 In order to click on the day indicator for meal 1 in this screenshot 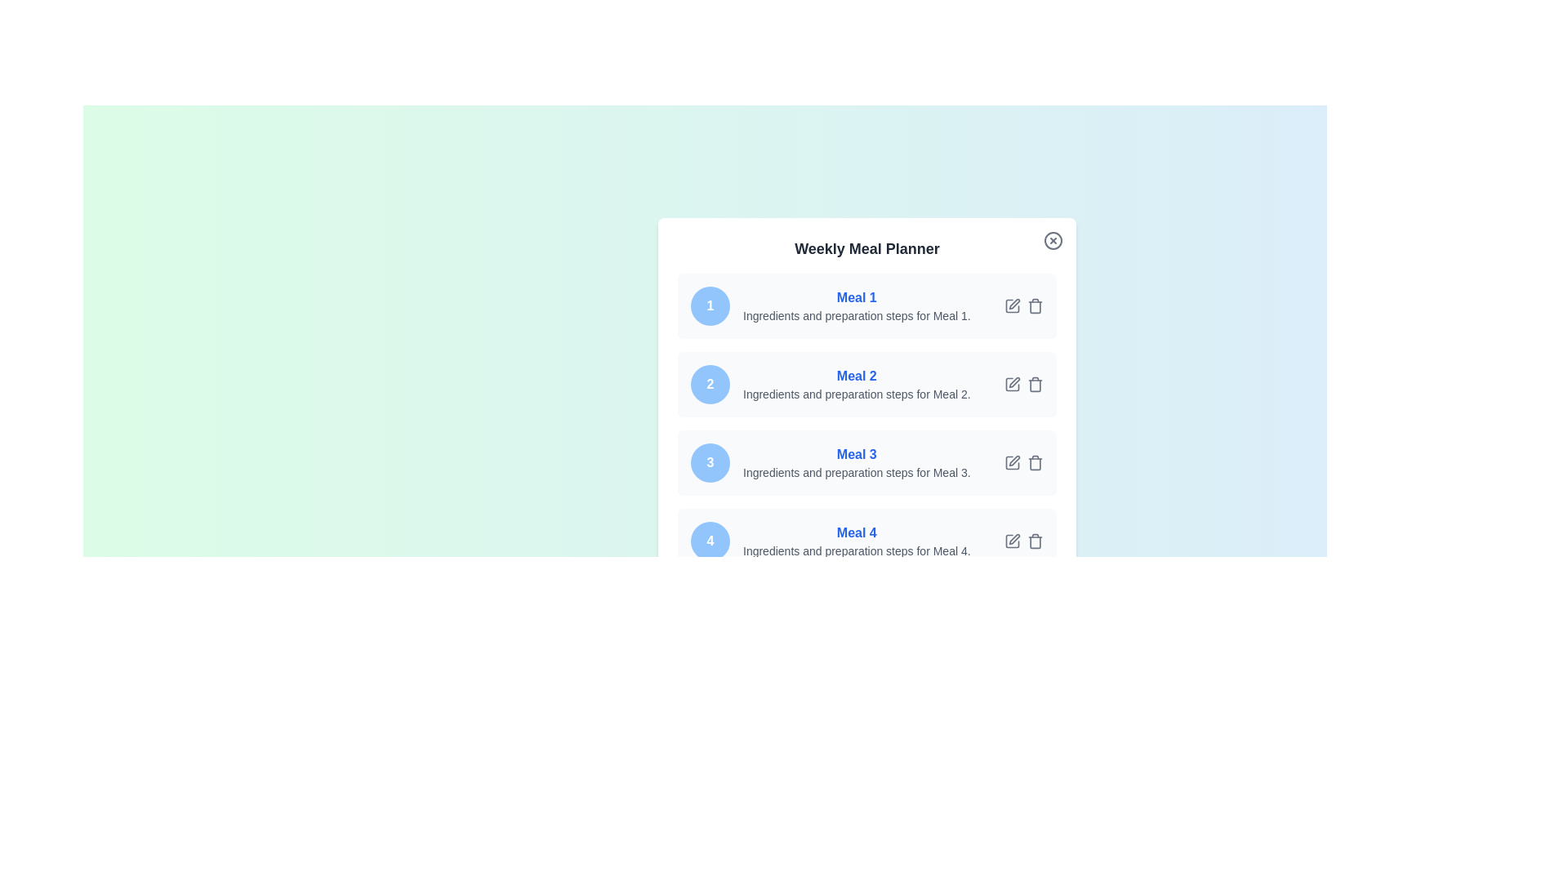, I will do `click(710, 305)`.